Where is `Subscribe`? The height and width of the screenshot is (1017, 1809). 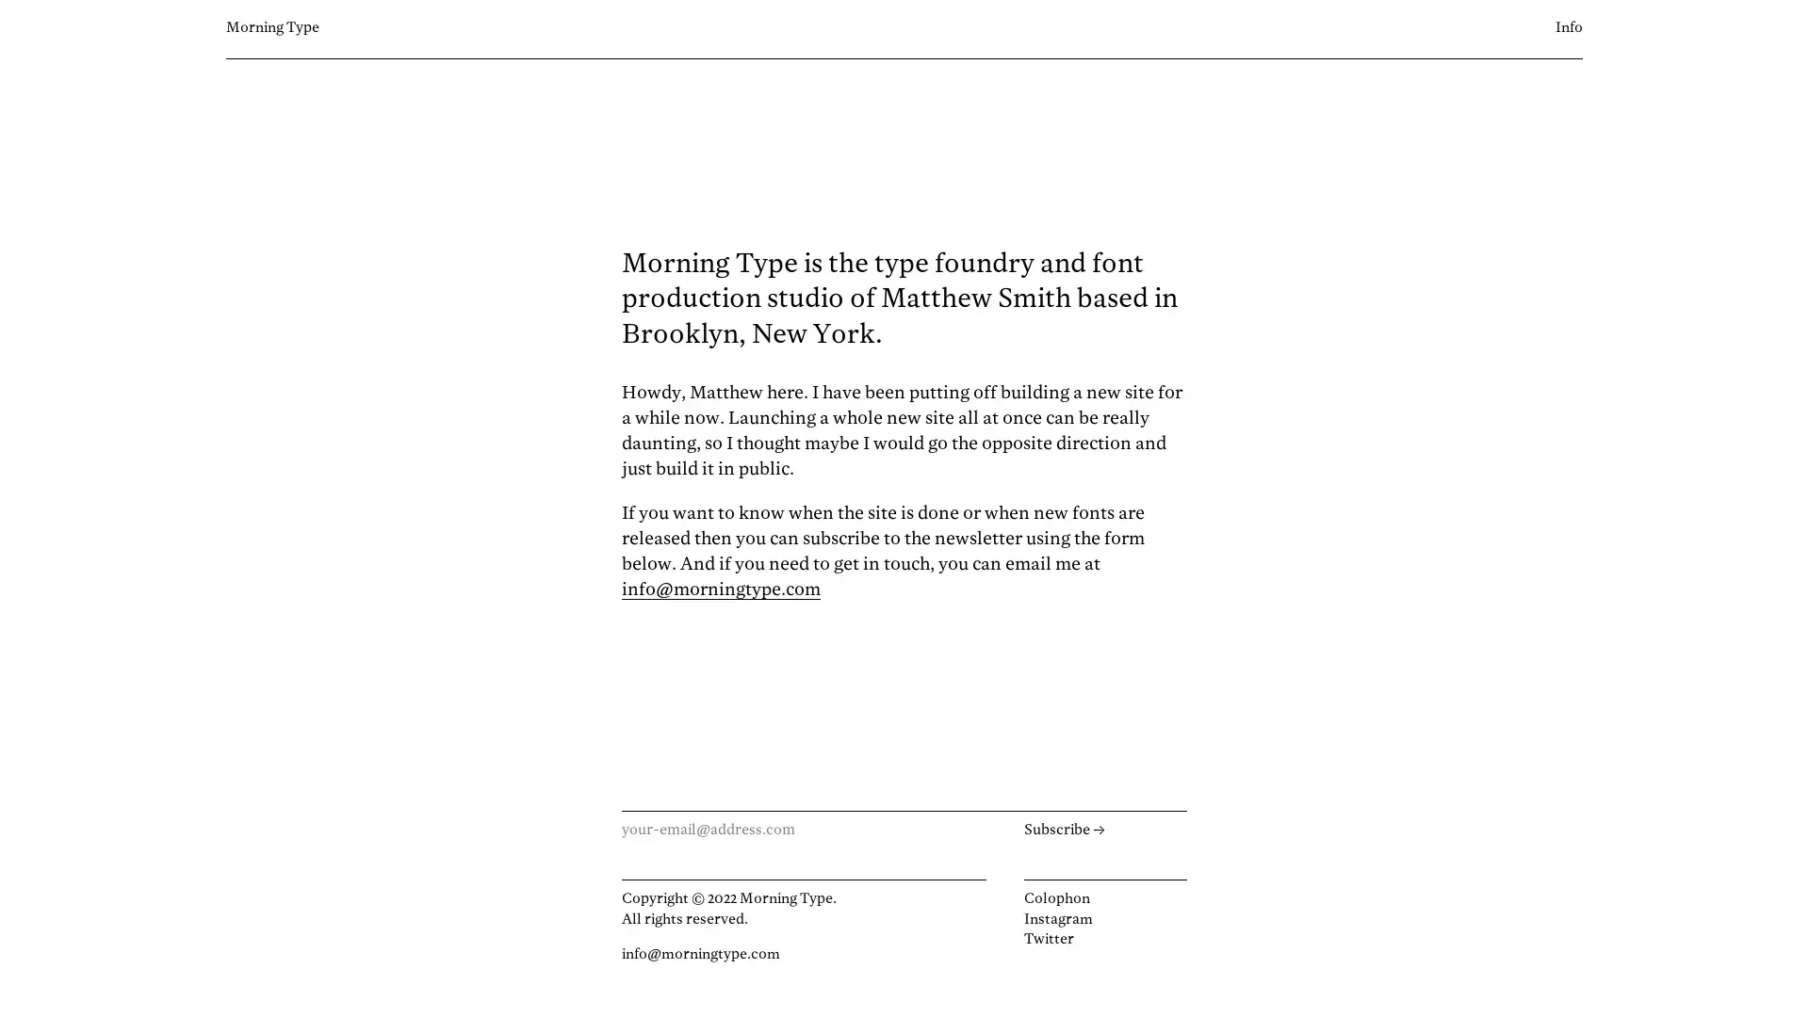 Subscribe is located at coordinates (1104, 830).